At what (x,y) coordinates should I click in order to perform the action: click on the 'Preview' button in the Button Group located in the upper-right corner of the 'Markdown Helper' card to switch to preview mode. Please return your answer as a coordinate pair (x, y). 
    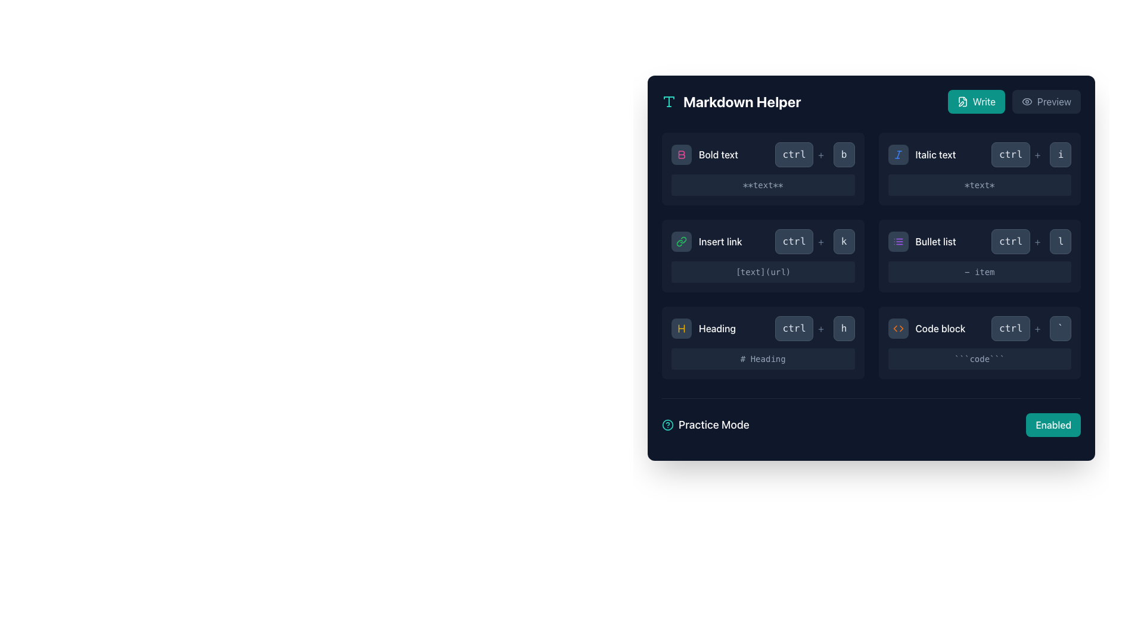
    Looking at the image, I should click on (1014, 101).